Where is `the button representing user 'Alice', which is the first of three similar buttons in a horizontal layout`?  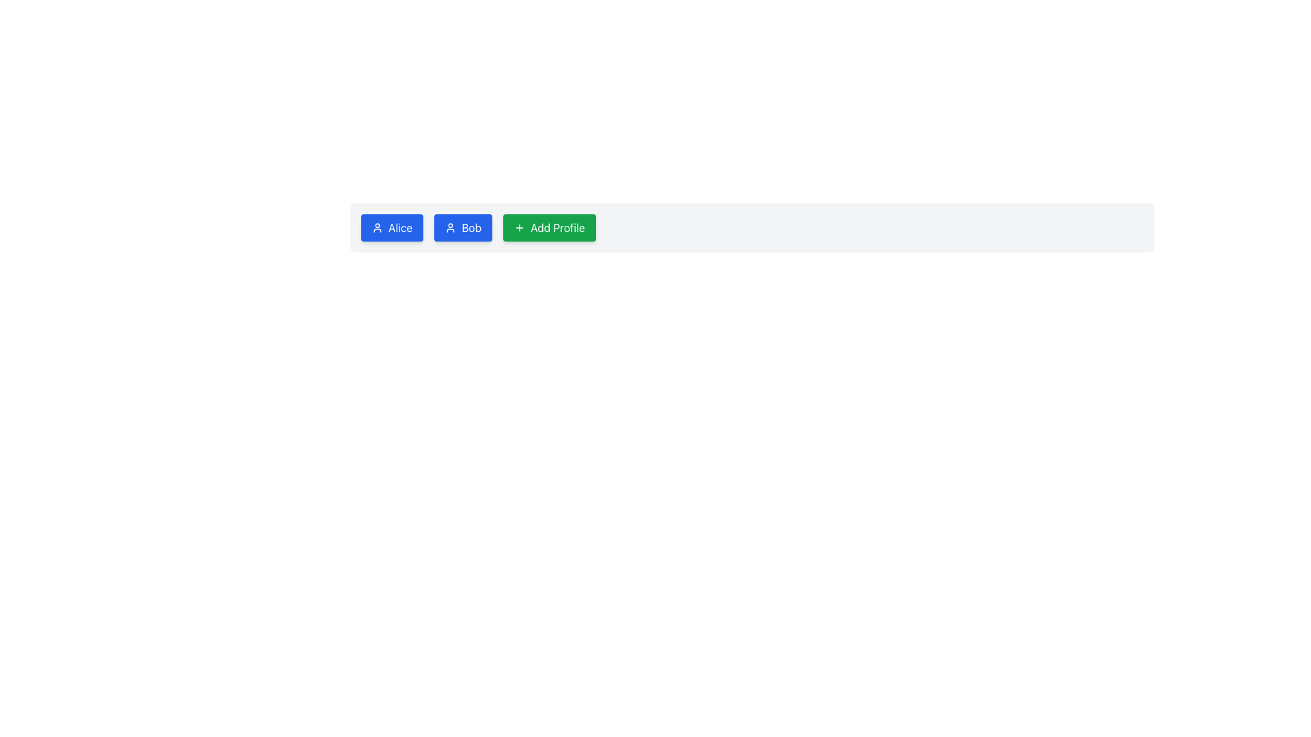
the button representing user 'Alice', which is the first of three similar buttons in a horizontal layout is located at coordinates (391, 227).